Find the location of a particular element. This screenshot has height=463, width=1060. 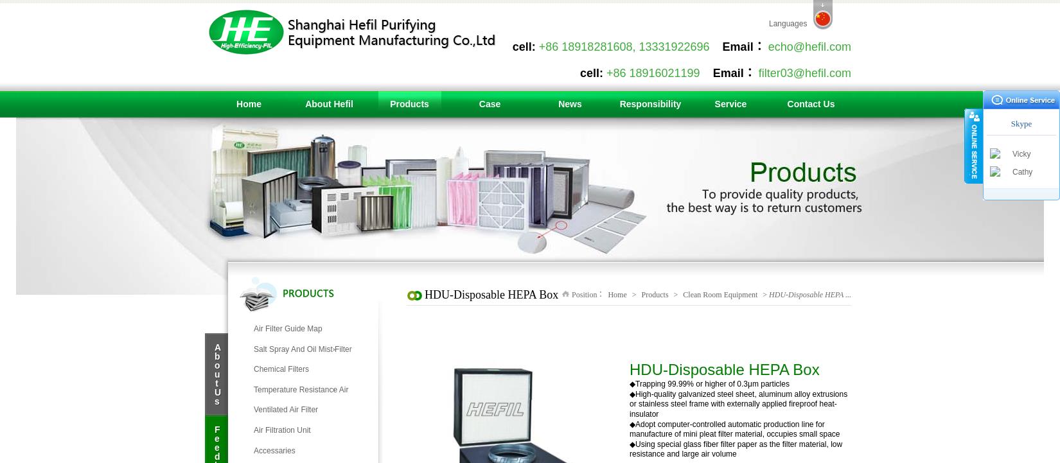

'Contact Us' is located at coordinates (809, 103).